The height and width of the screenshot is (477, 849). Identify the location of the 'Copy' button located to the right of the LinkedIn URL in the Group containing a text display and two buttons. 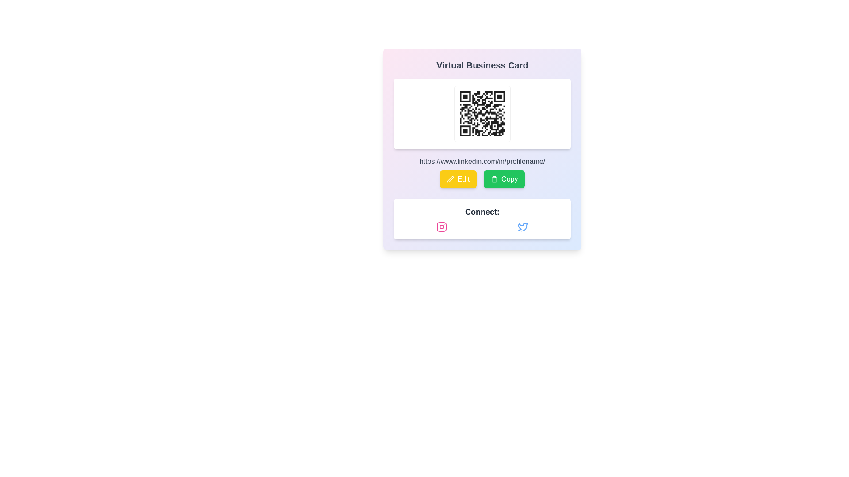
(482, 172).